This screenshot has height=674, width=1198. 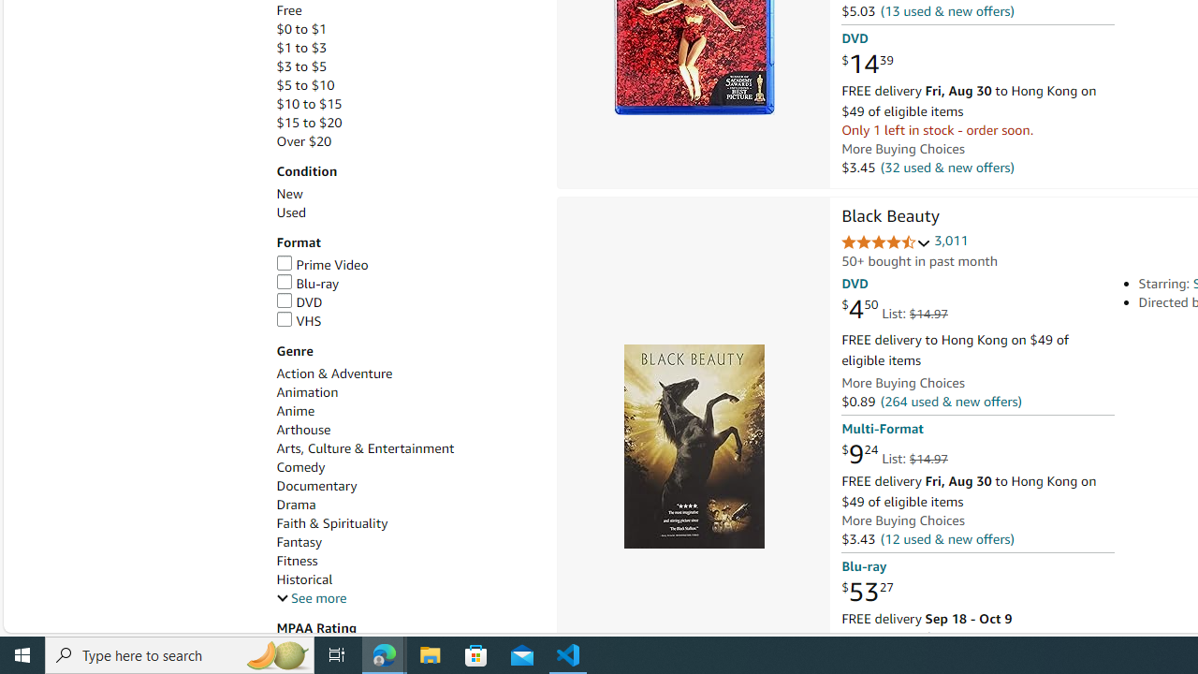 What do you see at coordinates (365, 448) in the screenshot?
I see `'Arts, Culture & Entertainment'` at bounding box center [365, 448].